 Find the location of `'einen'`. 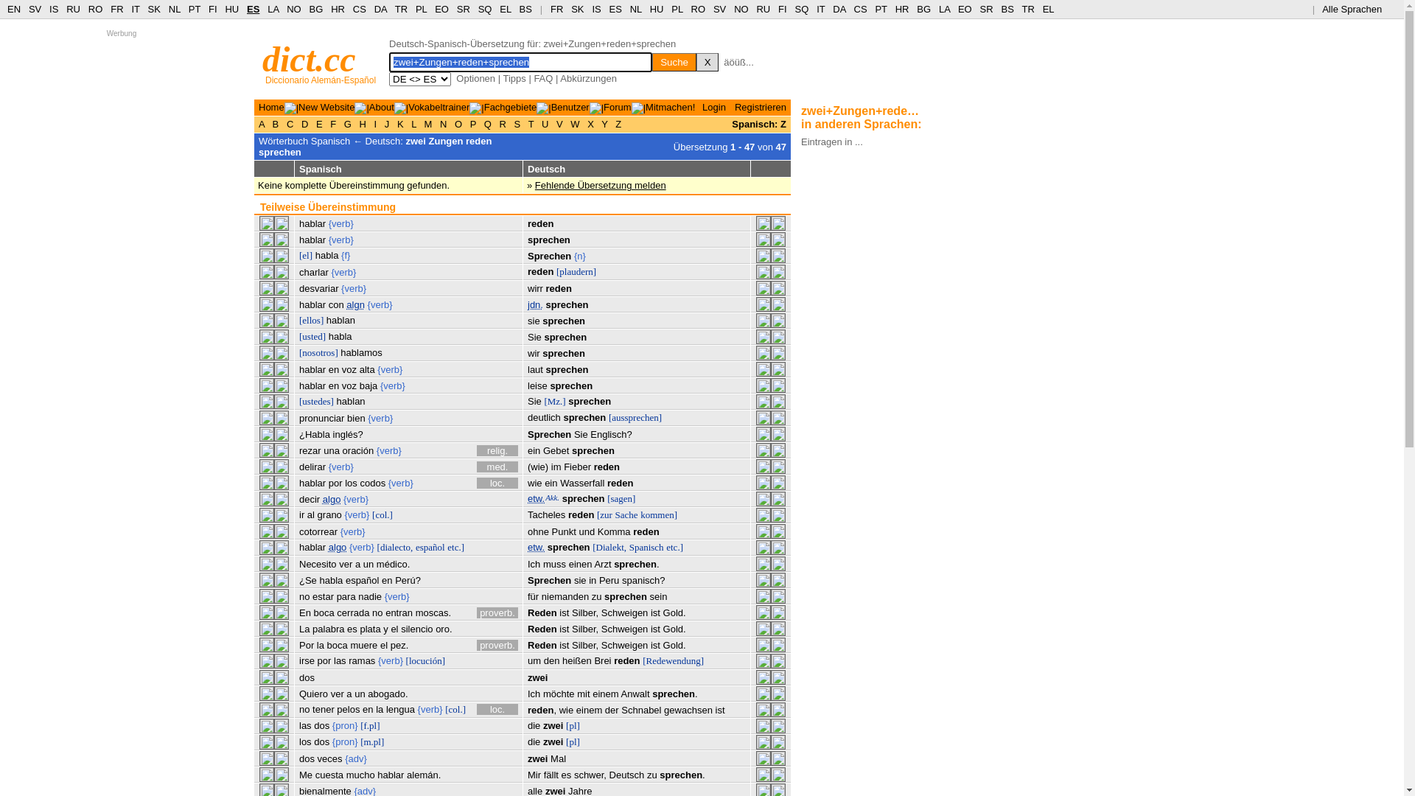

'einen' is located at coordinates (579, 564).